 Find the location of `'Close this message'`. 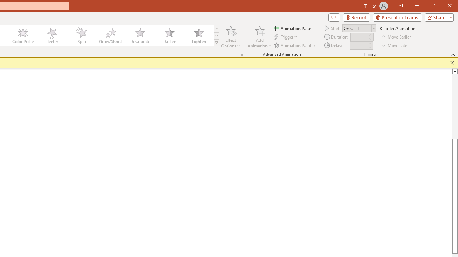

'Close this message' is located at coordinates (452, 62).